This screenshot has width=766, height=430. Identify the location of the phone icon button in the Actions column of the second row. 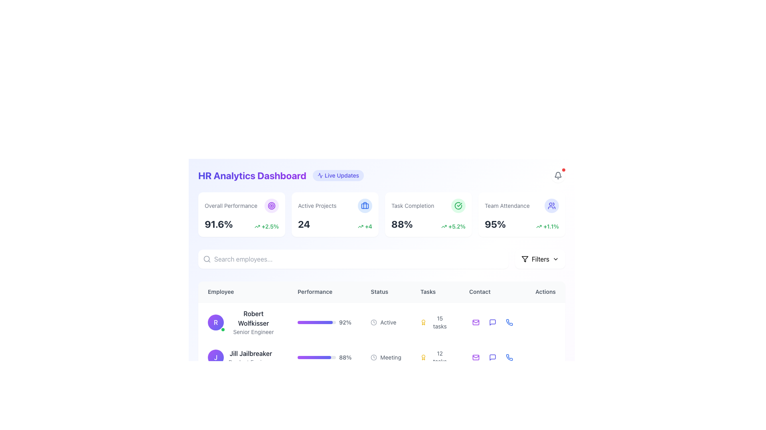
(509, 357).